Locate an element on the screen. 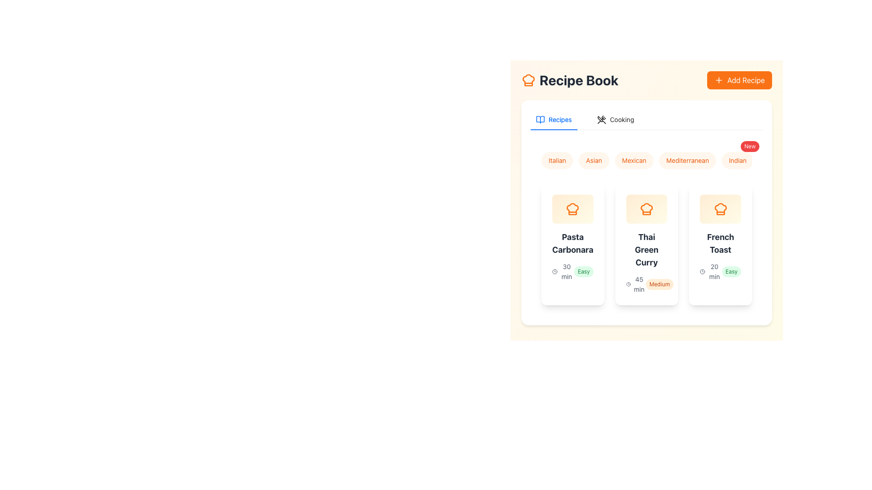  information displayed in the text element '20 min' with the indicator 'Easy' located below the 'French Toast' text in the third recipe card is located at coordinates (720, 271).